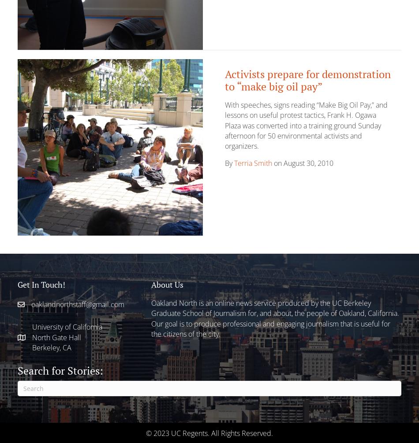 The width and height of the screenshot is (419, 443). Describe the element at coordinates (276, 318) in the screenshot. I see `'Oakland North is an online news service produced by the UC Berkeley Graduate School of Journalism for, and about, the people of Oakland, California.  Our goal is to produce professional and engaging journalism that is useful for the citizens of the city.'` at that location.